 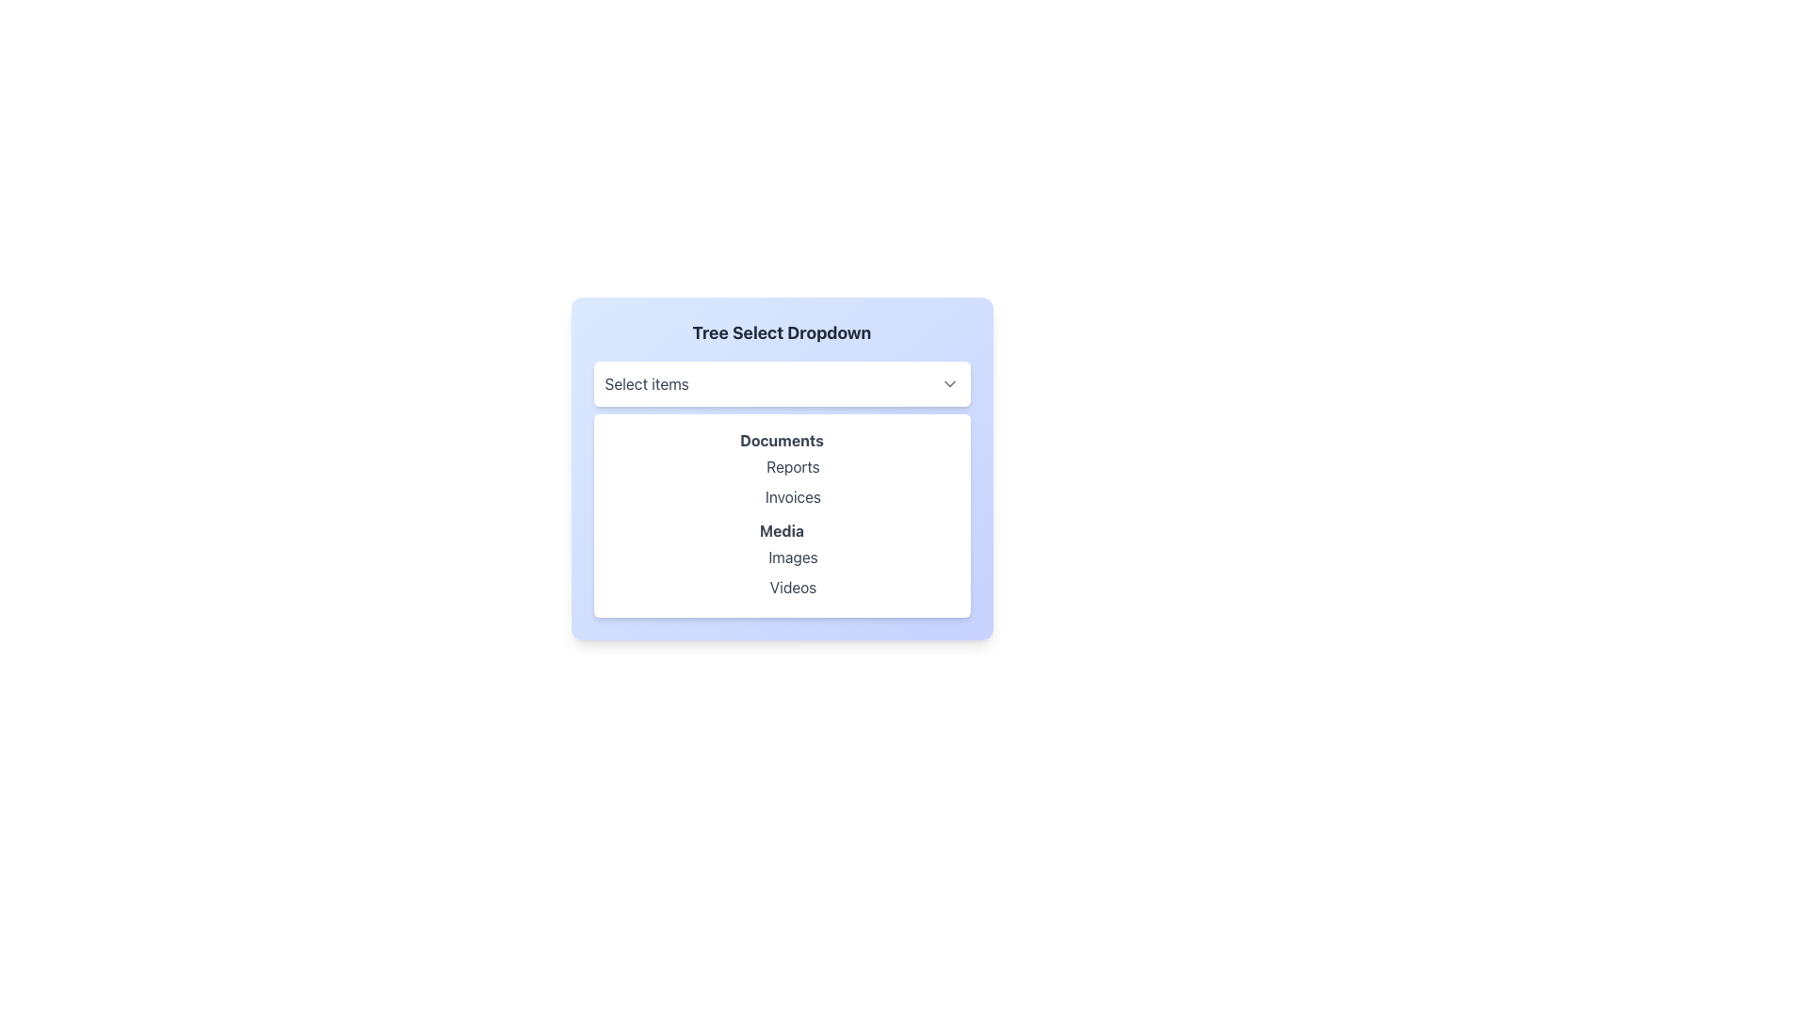 What do you see at coordinates (789, 572) in the screenshot?
I see `'Videos' label from the grouped text label component displaying 'Images' and 'Videos' within the 'Media' dropdown menu` at bounding box center [789, 572].